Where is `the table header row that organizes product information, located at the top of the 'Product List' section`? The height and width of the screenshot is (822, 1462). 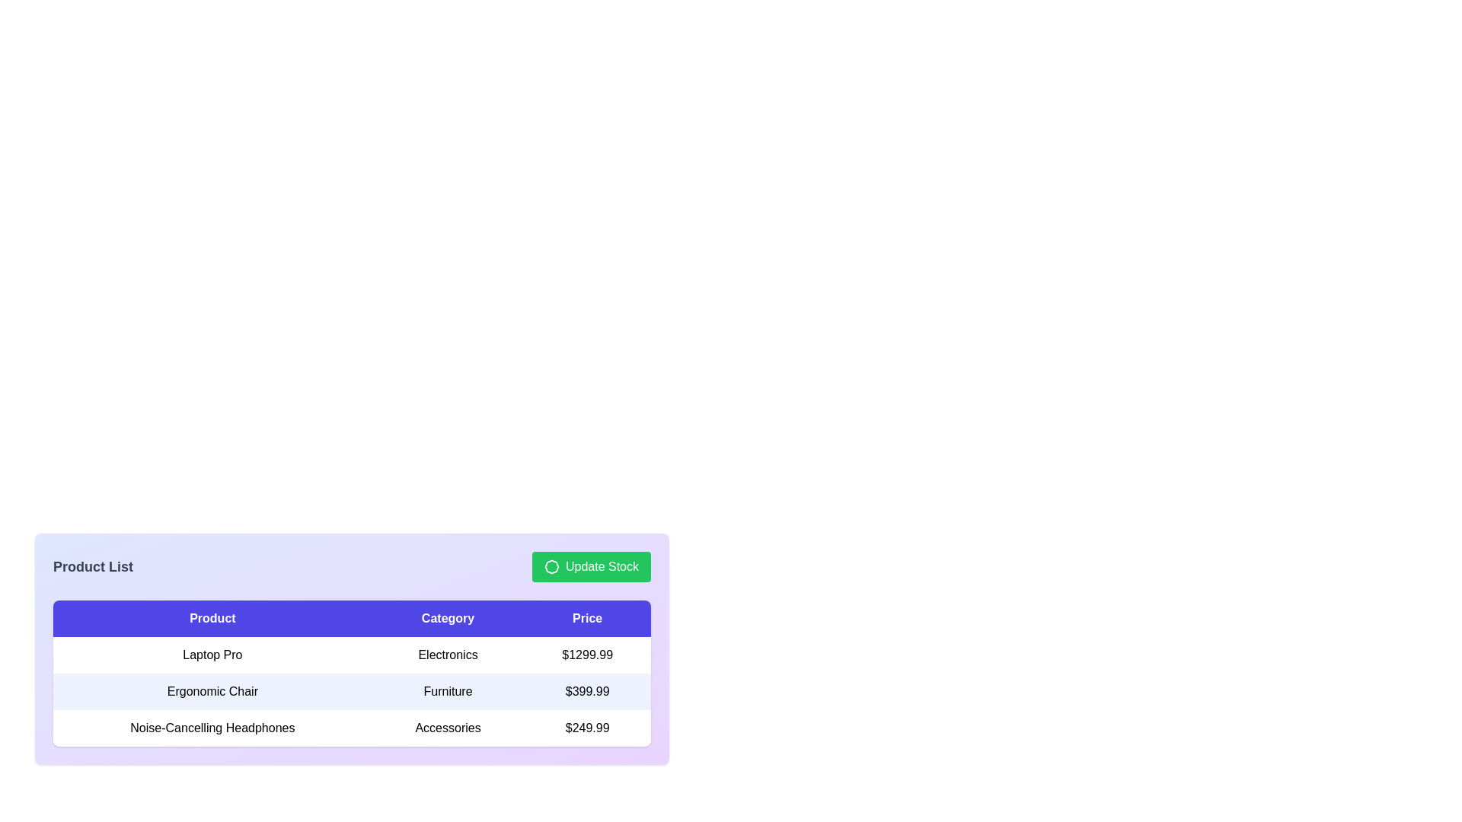
the table header row that organizes product information, located at the top of the 'Product List' section is located at coordinates (351, 619).